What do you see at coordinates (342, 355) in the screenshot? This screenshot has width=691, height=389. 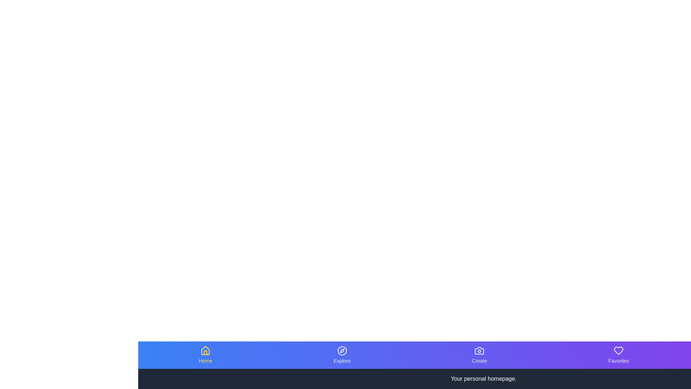 I see `the Explore tab in the bottom navigation bar` at bounding box center [342, 355].